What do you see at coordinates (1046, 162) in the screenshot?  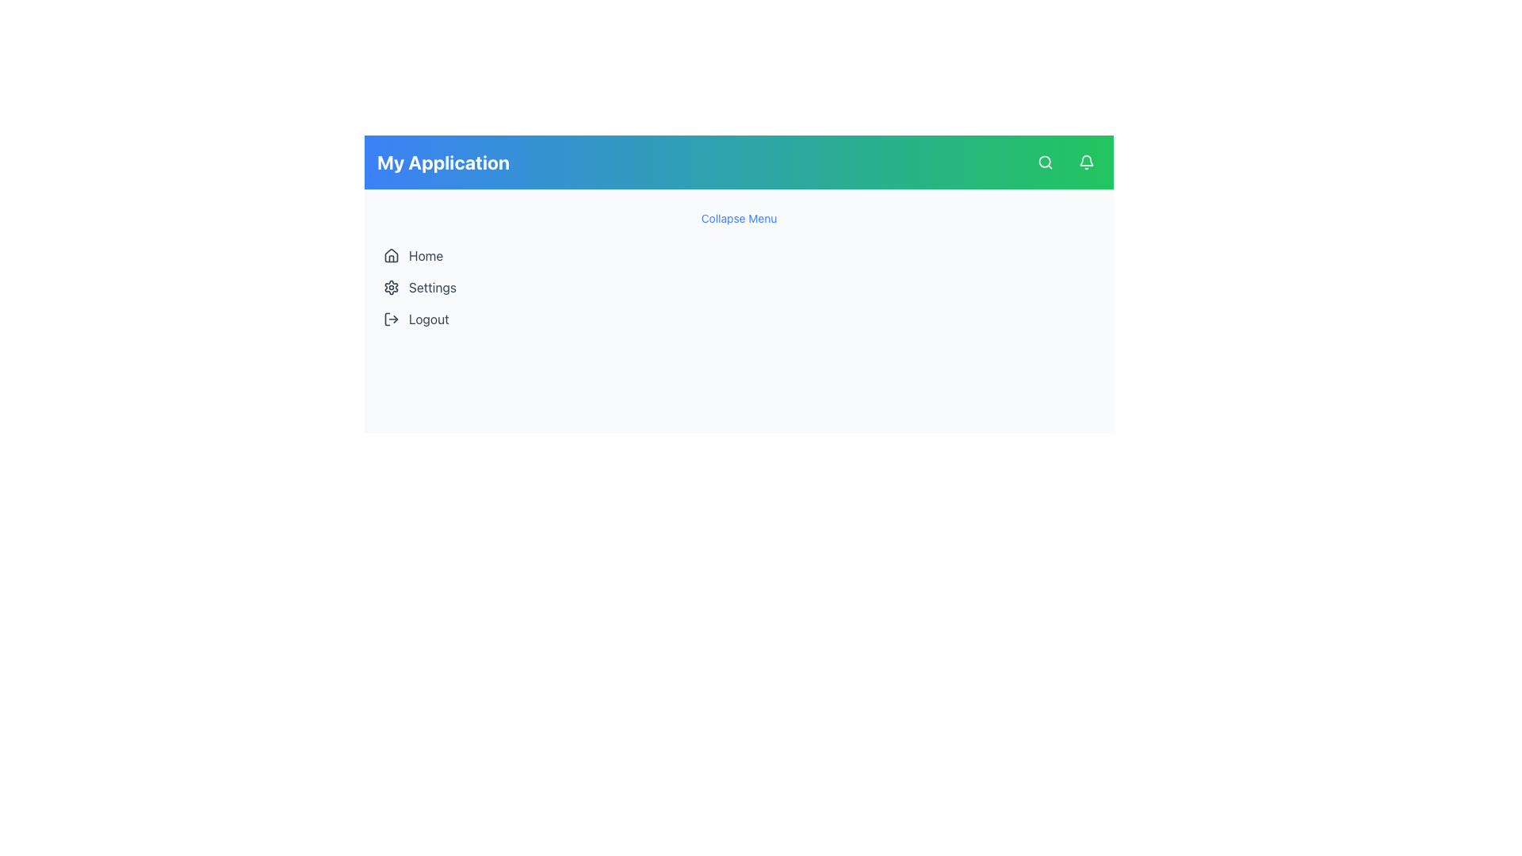 I see `the first interactive circular search button located in the top-right section of the header` at bounding box center [1046, 162].